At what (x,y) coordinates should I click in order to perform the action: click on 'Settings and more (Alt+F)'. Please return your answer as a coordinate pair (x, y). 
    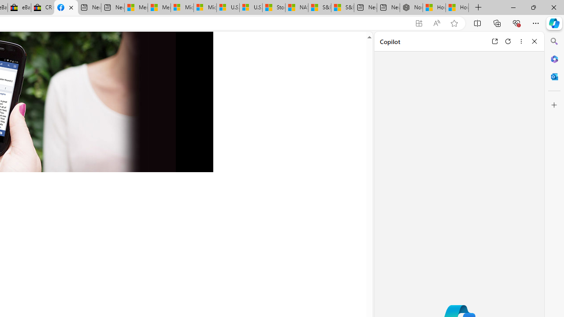
    Looking at the image, I should click on (535, 22).